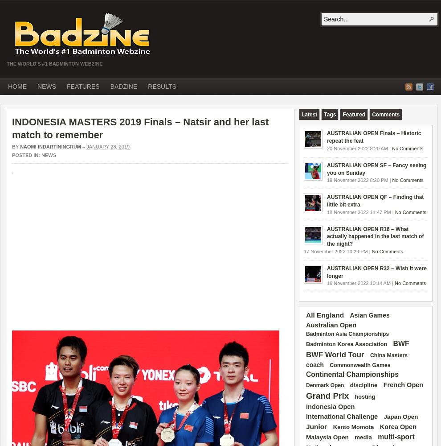 This screenshot has width=441, height=446. What do you see at coordinates (376, 169) in the screenshot?
I see `'AUSTRALIAN OPEN SF – Fancy seeing you on Sunday'` at bounding box center [376, 169].